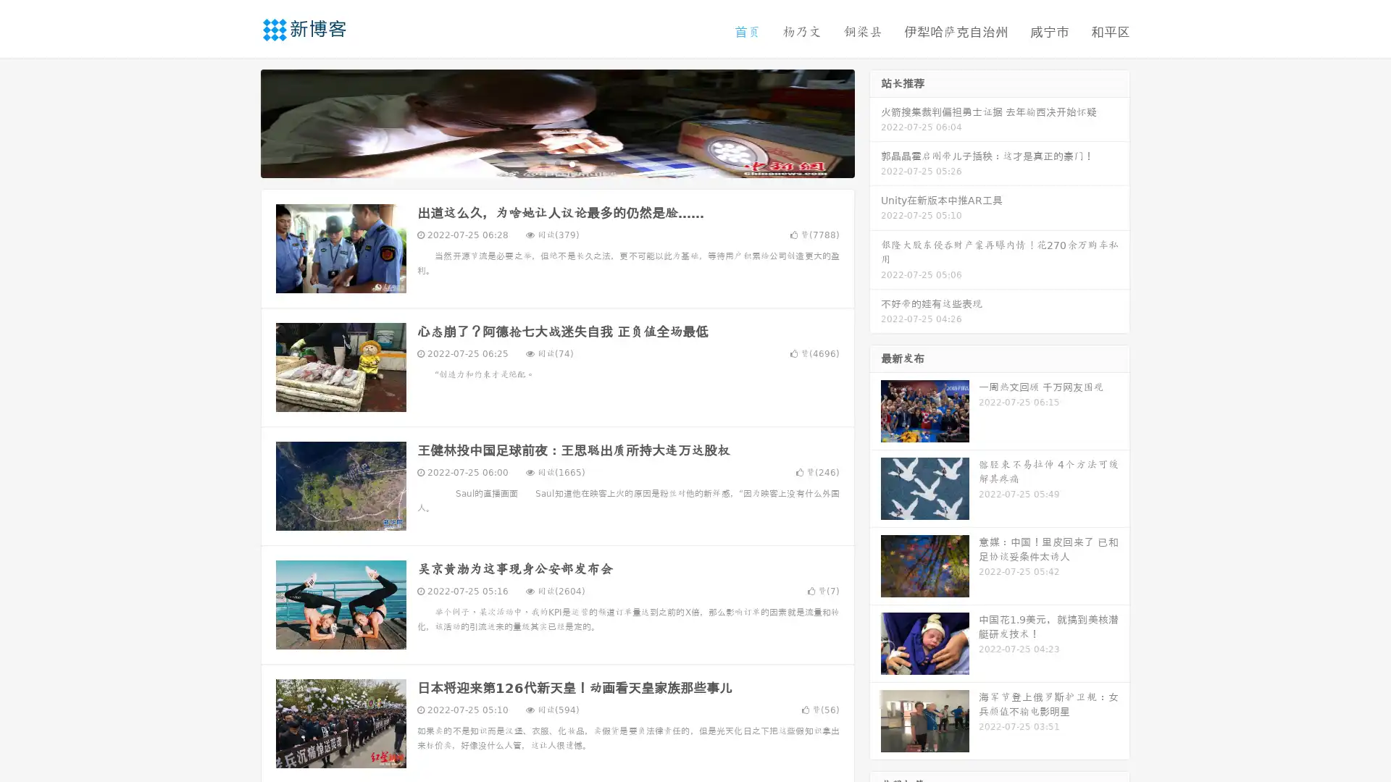 This screenshot has width=1391, height=782. Describe the element at coordinates (239, 122) in the screenshot. I see `Previous slide` at that location.